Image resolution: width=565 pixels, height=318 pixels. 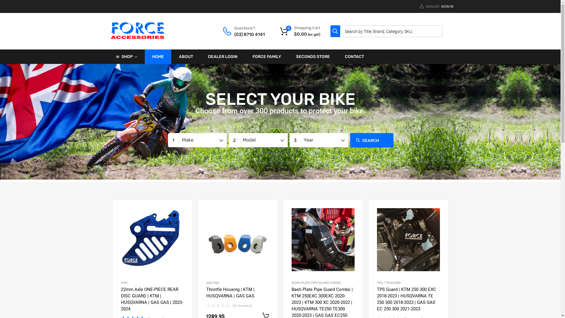 I want to click on 'Make', so click(x=197, y=140).